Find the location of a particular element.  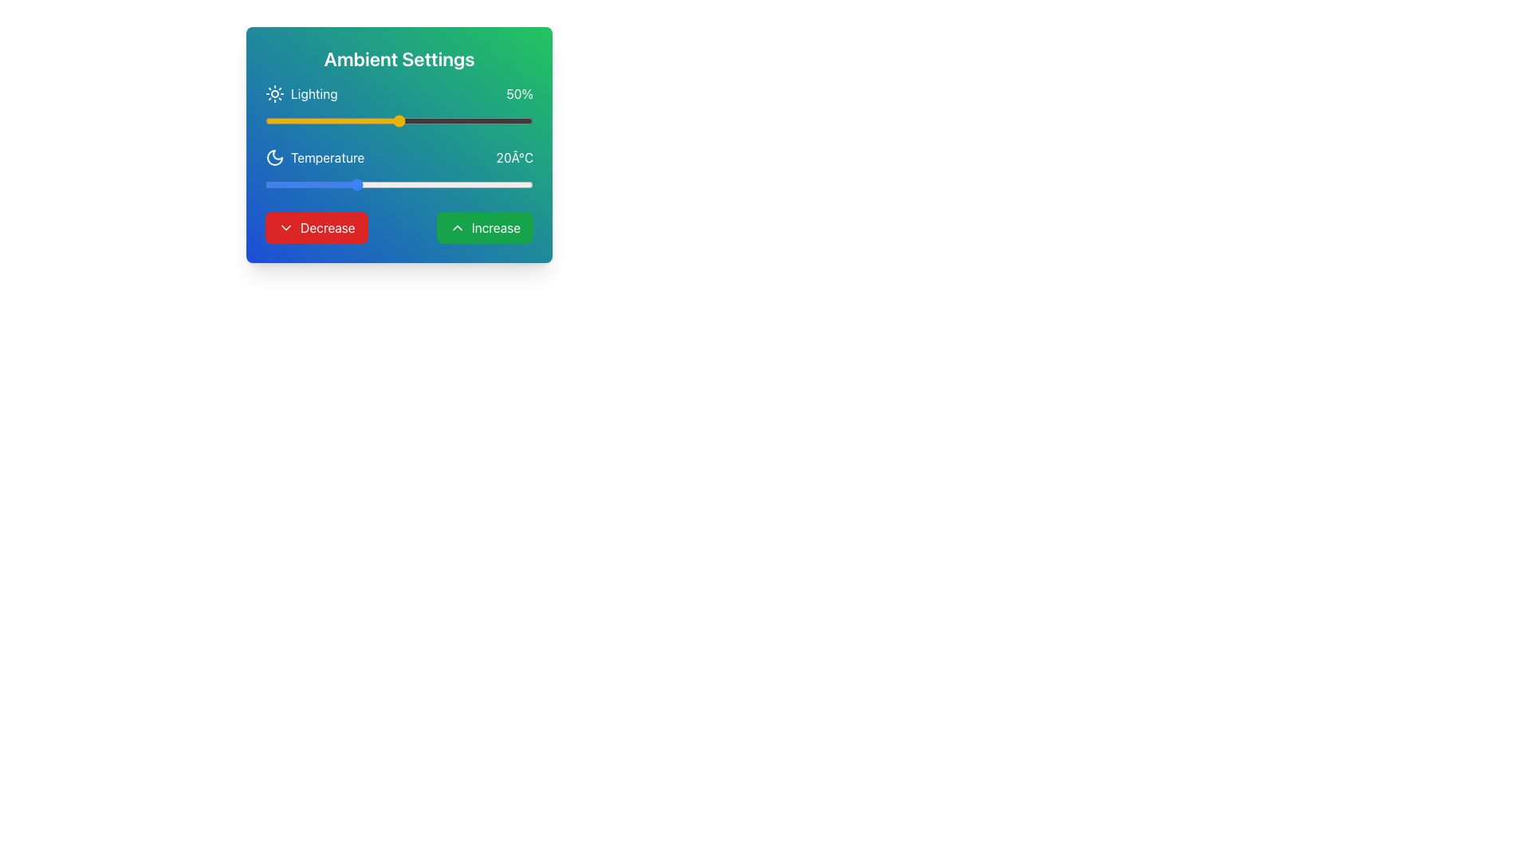

brightness level is located at coordinates (391, 120).